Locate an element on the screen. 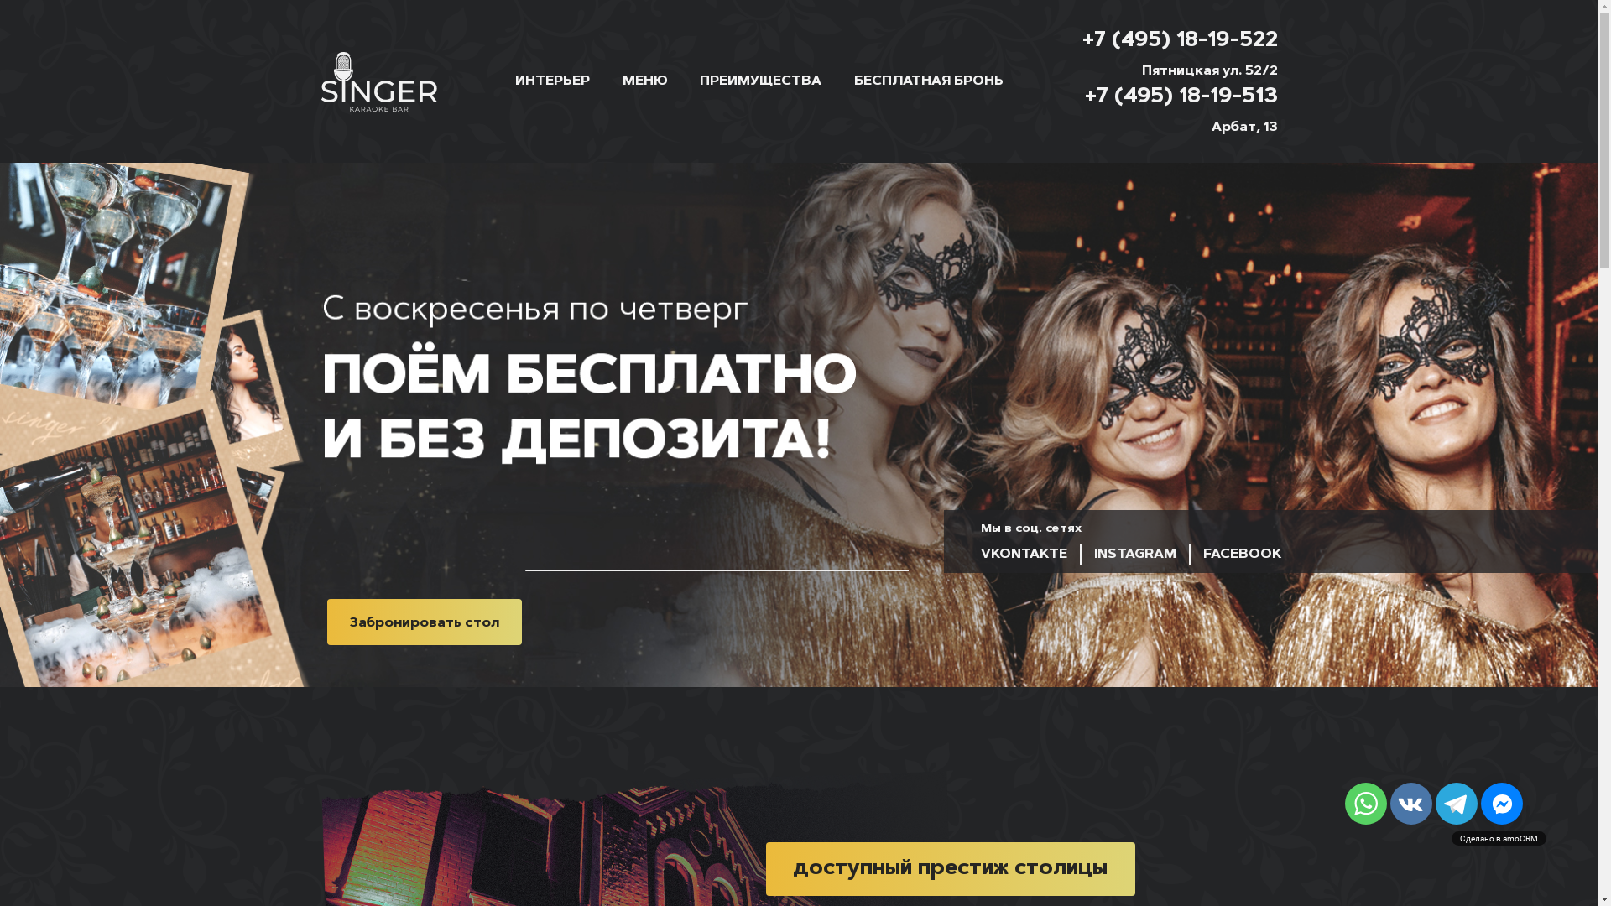  '+7 (495) 18-19-513' is located at coordinates (1179, 99).